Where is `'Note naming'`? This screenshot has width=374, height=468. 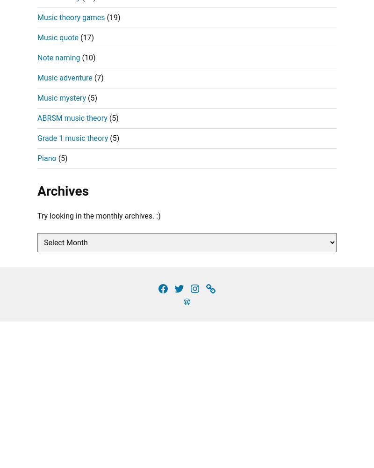 'Note naming' is located at coordinates (37, 57).